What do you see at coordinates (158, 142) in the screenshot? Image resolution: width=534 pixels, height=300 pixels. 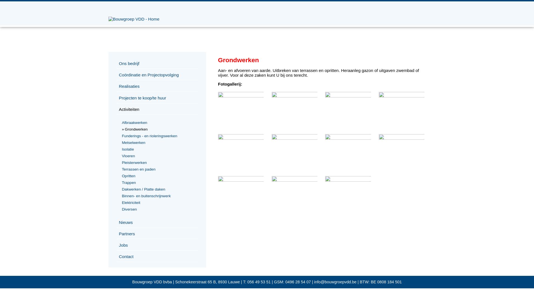 I see `'Metselwerken'` at bounding box center [158, 142].